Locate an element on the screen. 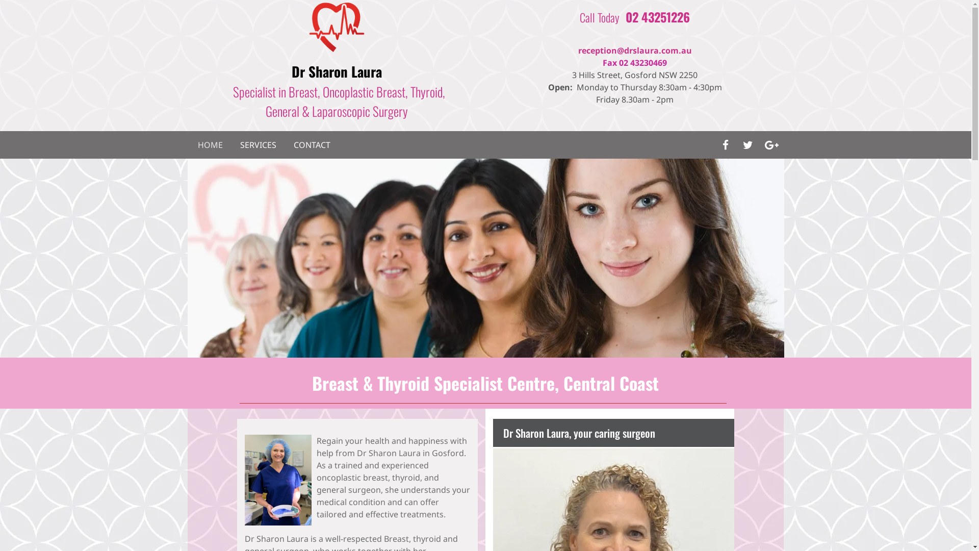  'CONTACT' is located at coordinates (311, 145).